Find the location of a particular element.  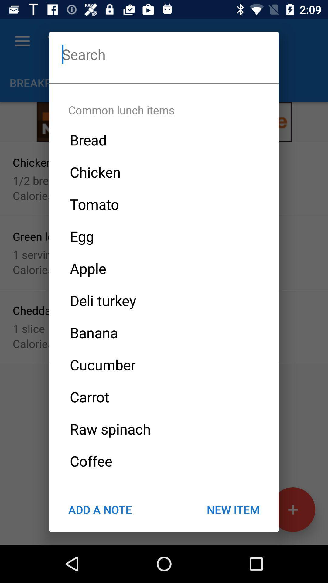

the item to the left of the new item icon is located at coordinates (100, 510).